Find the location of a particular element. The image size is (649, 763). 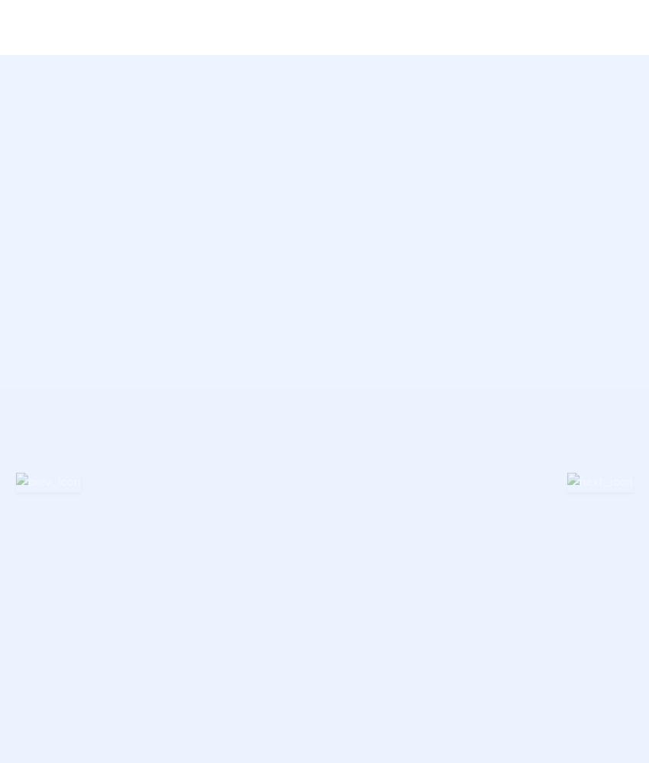

'GET IT ON' is located at coordinates (169, 213).